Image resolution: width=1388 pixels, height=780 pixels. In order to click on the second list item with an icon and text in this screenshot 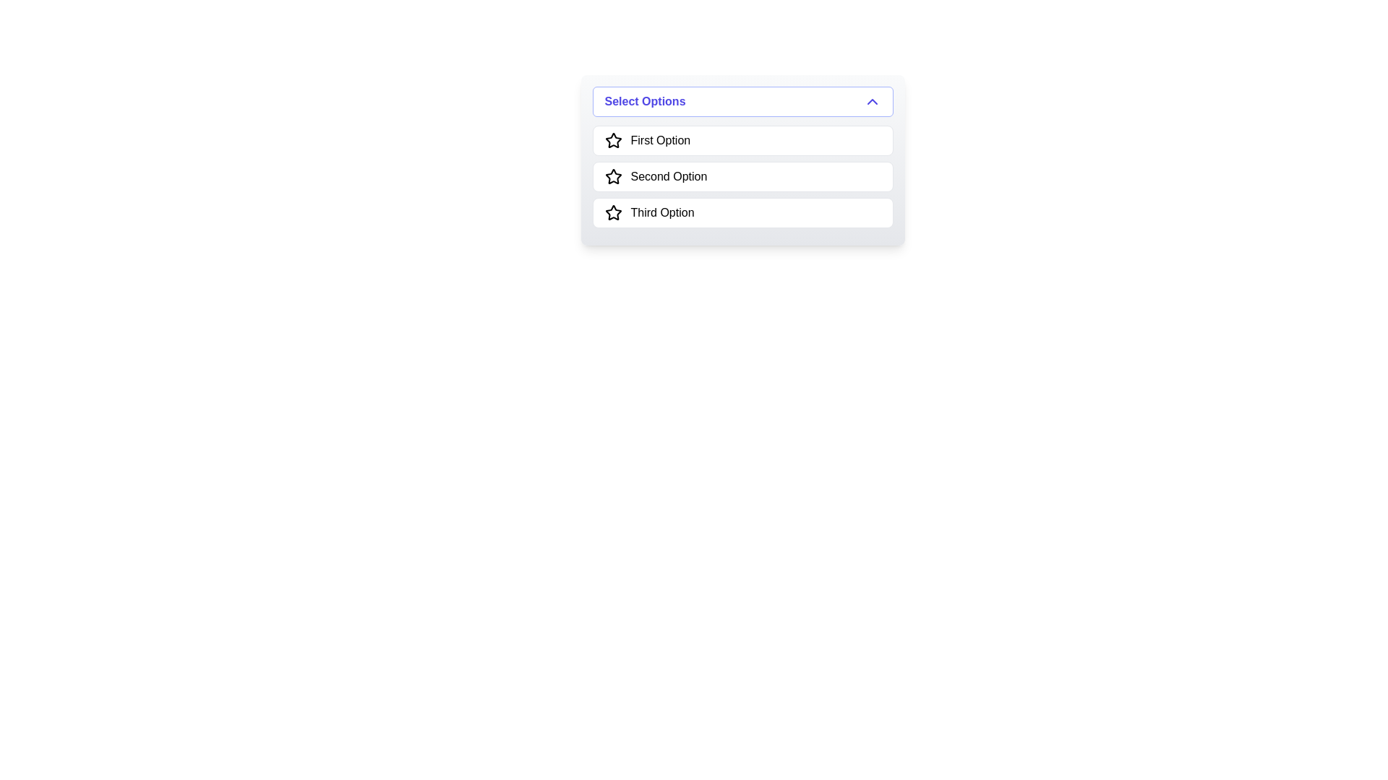, I will do `click(655, 176)`.